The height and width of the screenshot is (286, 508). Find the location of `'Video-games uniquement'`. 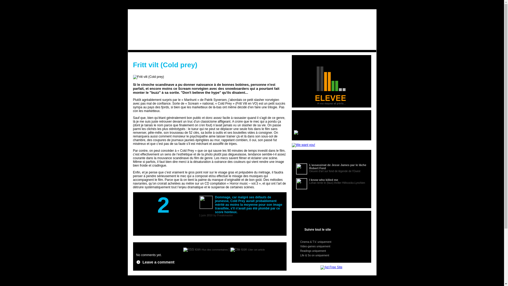

'Video-games uniquement' is located at coordinates (331, 246).